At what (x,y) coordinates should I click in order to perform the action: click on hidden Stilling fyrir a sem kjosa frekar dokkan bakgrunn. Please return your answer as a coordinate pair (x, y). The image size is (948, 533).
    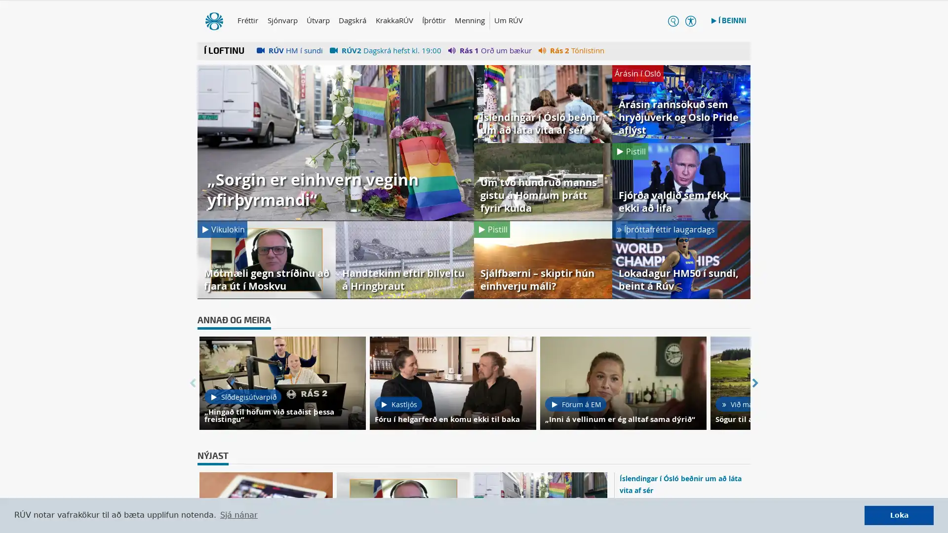
    Looking at the image, I should click on (680, 22).